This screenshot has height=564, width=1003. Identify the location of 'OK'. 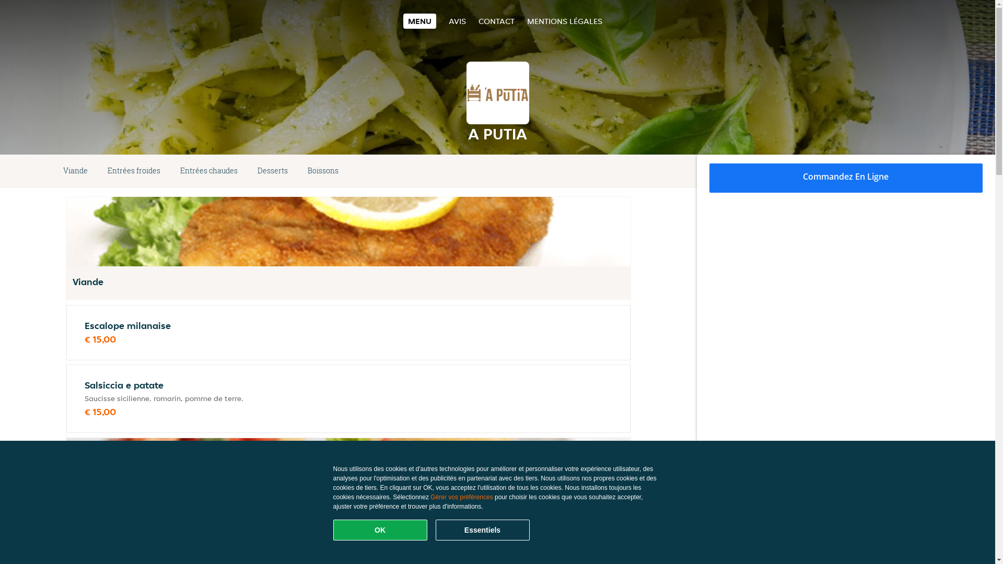
(333, 530).